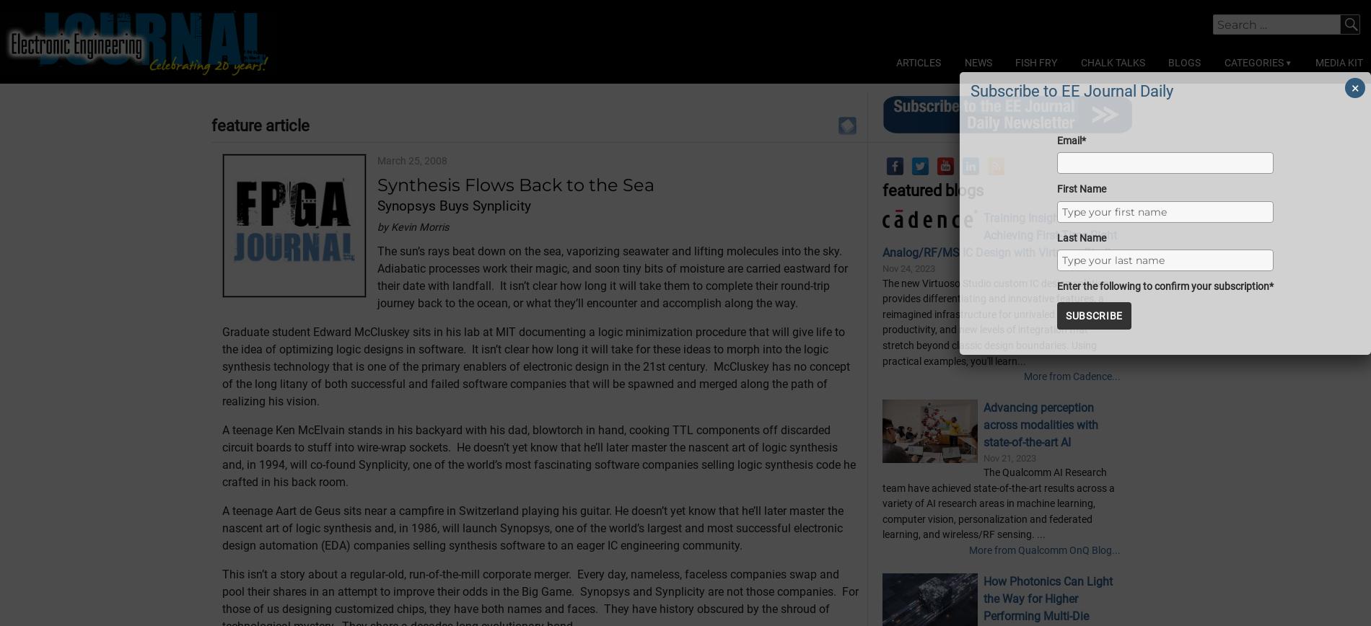 The image size is (1371, 626). I want to click on 'by Kevin Morris', so click(412, 299).